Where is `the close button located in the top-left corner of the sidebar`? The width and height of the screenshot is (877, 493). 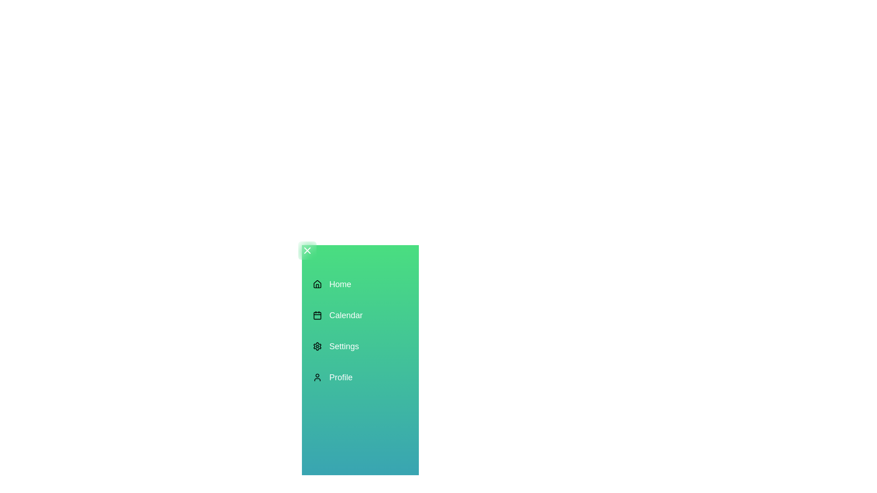
the close button located in the top-left corner of the sidebar is located at coordinates (307, 250).